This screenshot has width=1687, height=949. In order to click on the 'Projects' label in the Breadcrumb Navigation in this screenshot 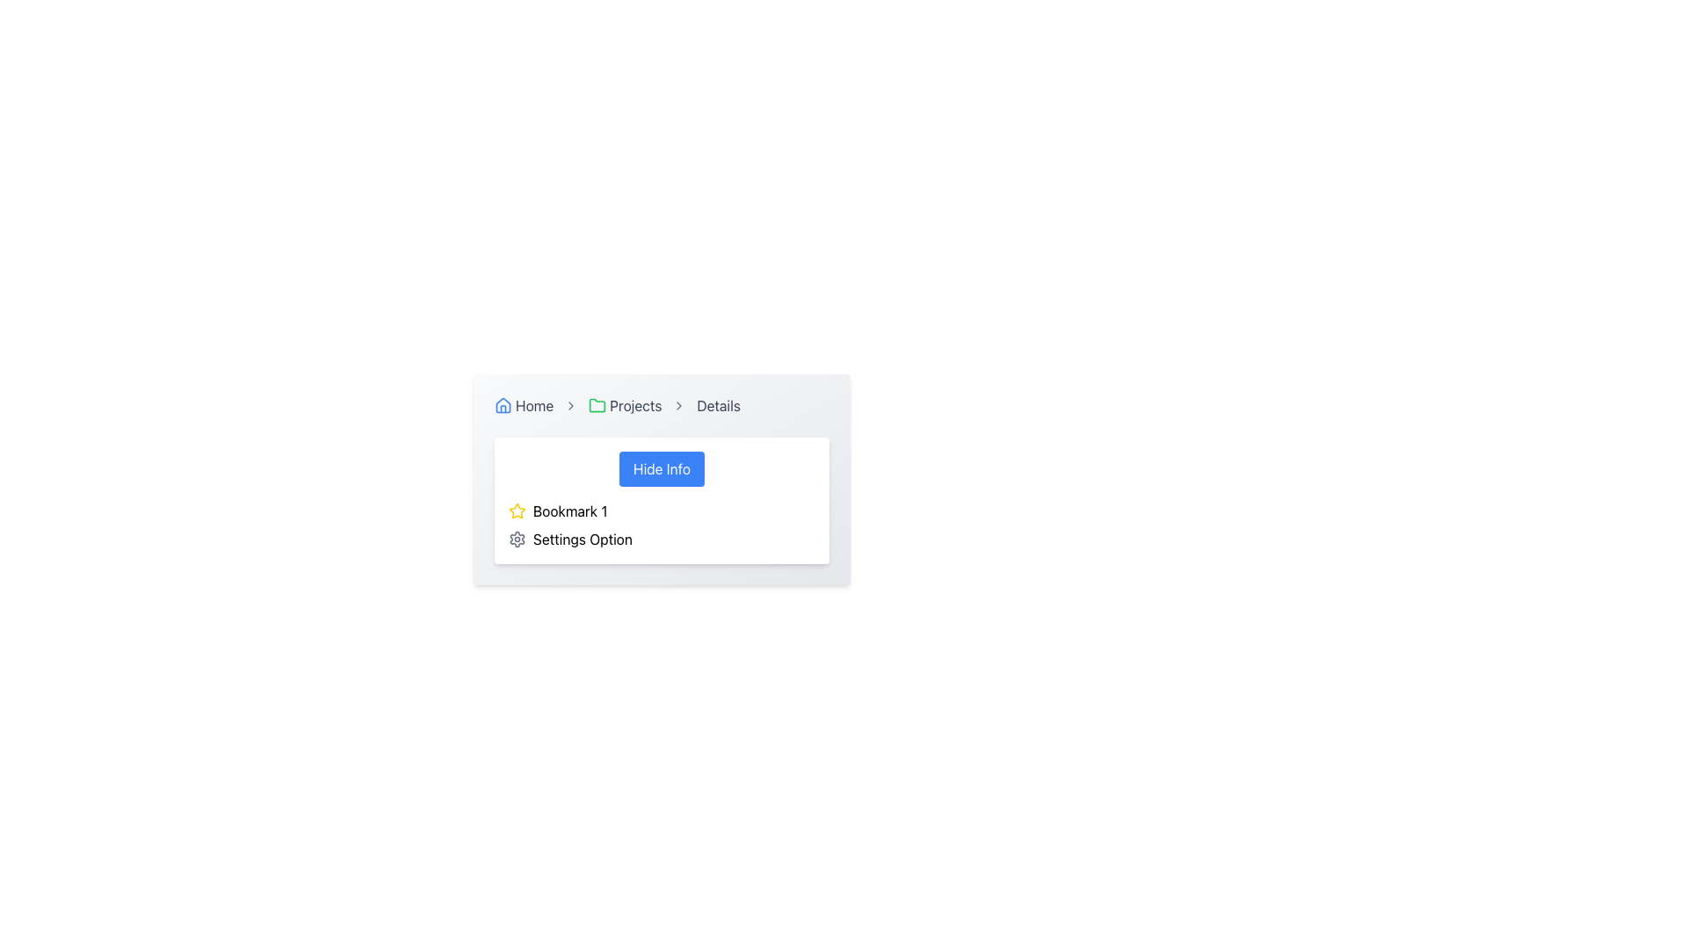, I will do `click(661, 406)`.